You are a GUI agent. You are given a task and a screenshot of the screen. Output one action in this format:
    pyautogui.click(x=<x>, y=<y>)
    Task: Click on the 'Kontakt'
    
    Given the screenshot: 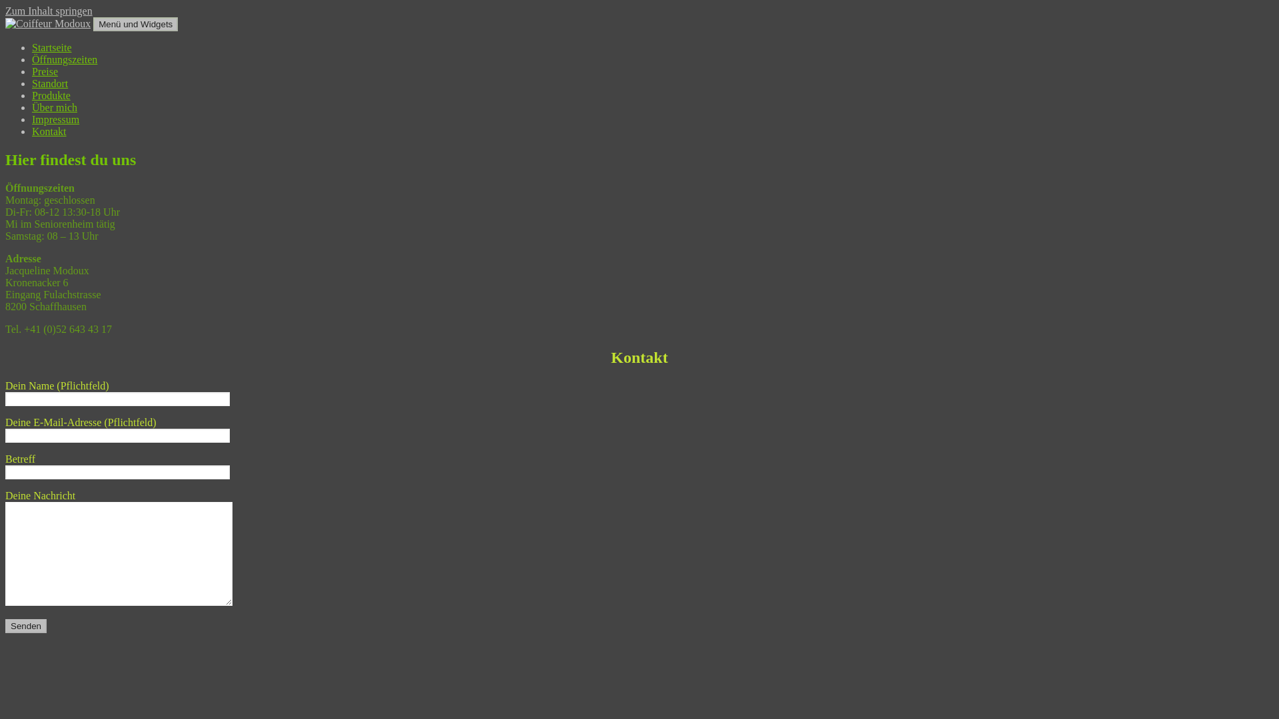 What is the action you would take?
    pyautogui.click(x=49, y=131)
    